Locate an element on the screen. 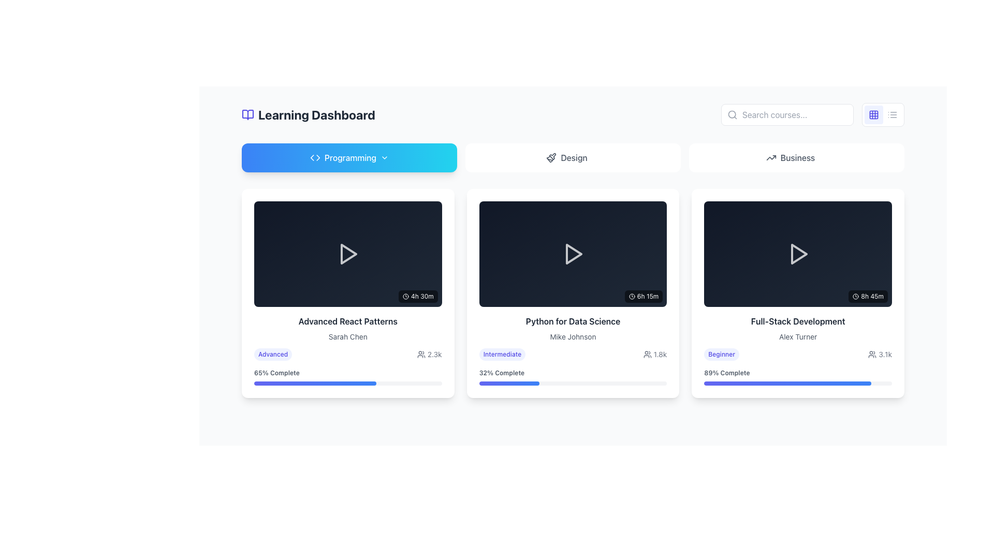 The width and height of the screenshot is (994, 559). the triangular gray play icon located in the center of the 'Advanced React Patterns' video thumbnail is located at coordinates (349, 254).